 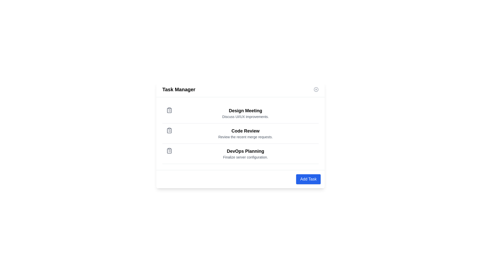 What do you see at coordinates (308, 179) in the screenshot?
I see `'Add Task' button to add a new task` at bounding box center [308, 179].